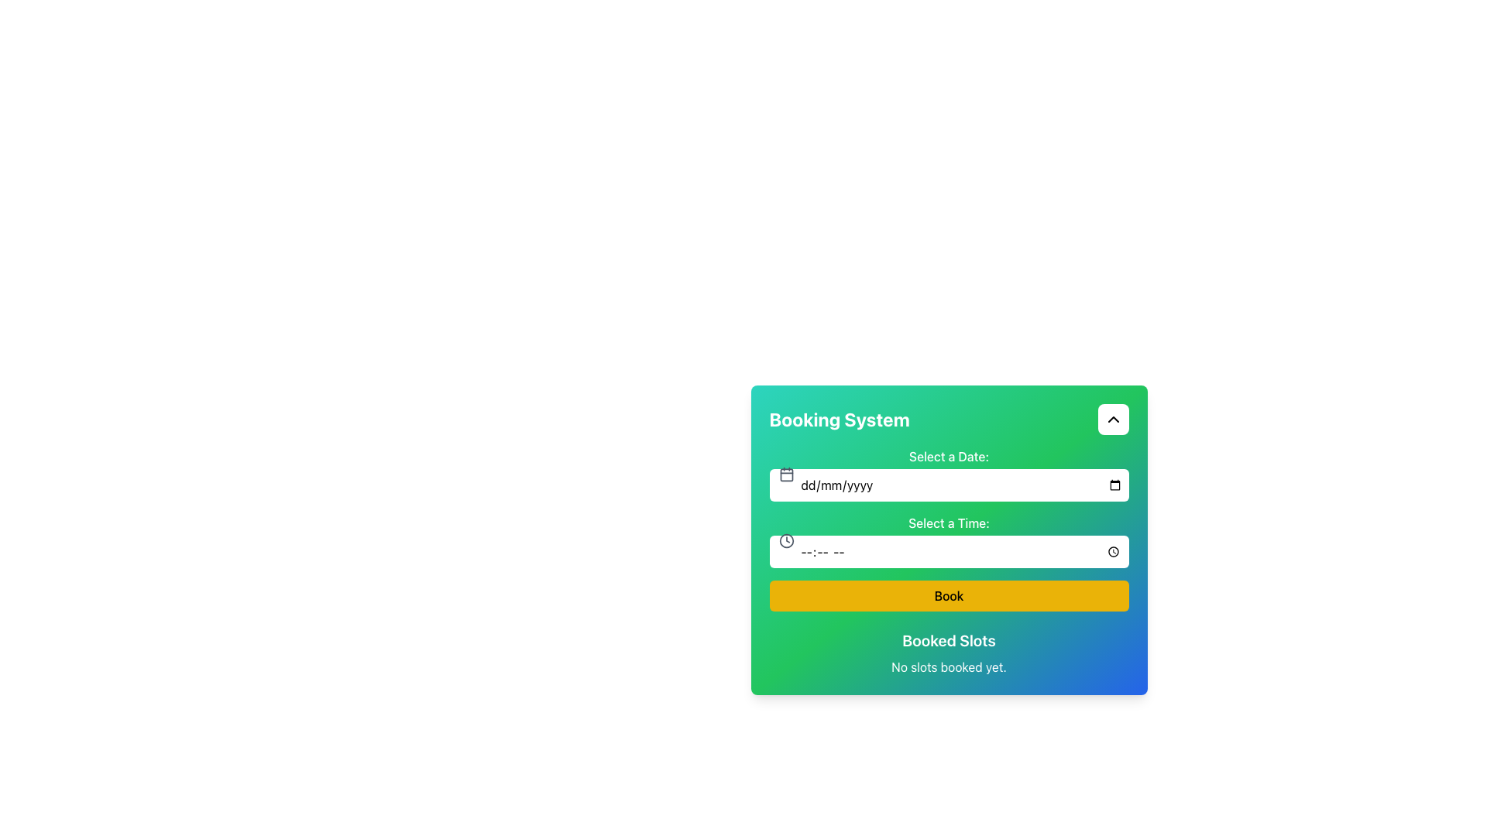  Describe the element at coordinates (948, 474) in the screenshot. I see `the date picker input field located below the 'Booking System' title` at that location.